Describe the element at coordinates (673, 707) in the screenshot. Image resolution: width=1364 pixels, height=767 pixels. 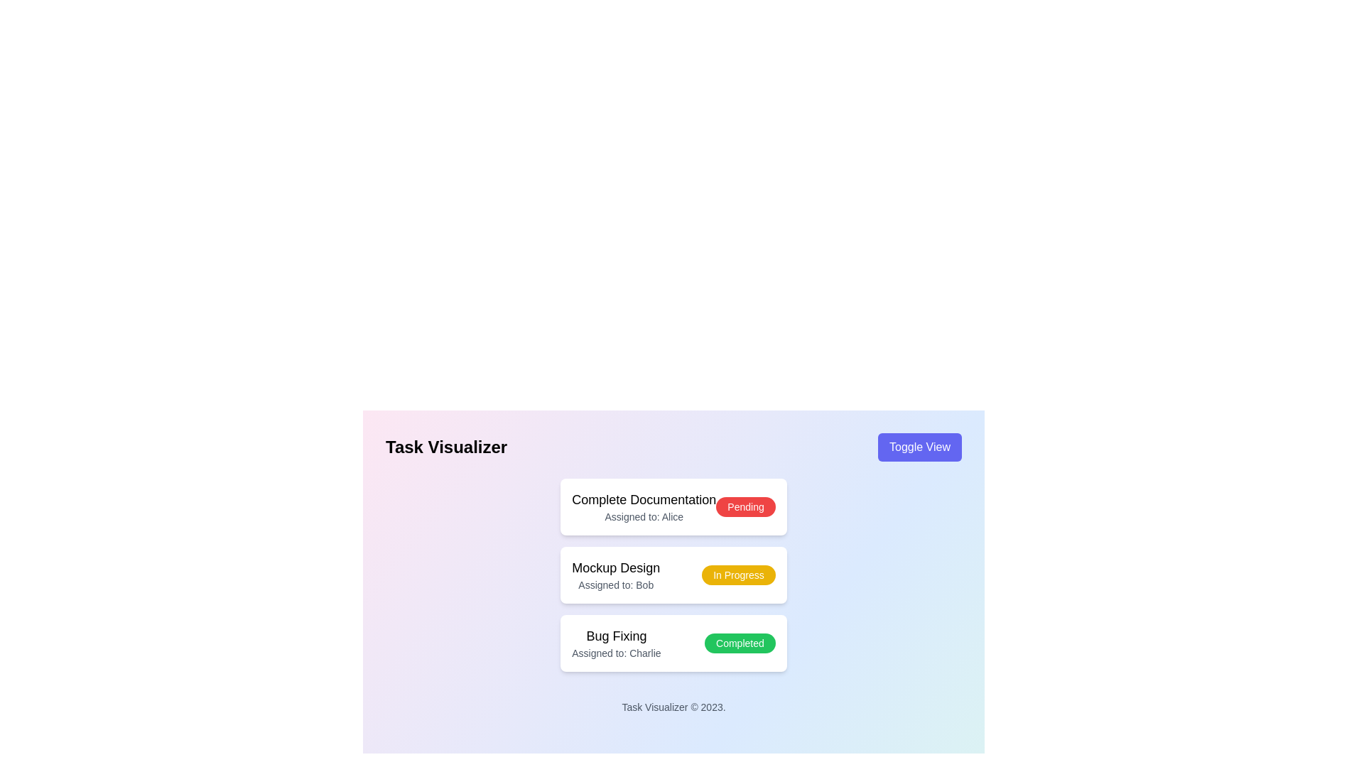
I see `the text block displaying 'Task Visualizer © 2023.' which is located at the bottom of the page and visually distinct in a small gray font` at that location.